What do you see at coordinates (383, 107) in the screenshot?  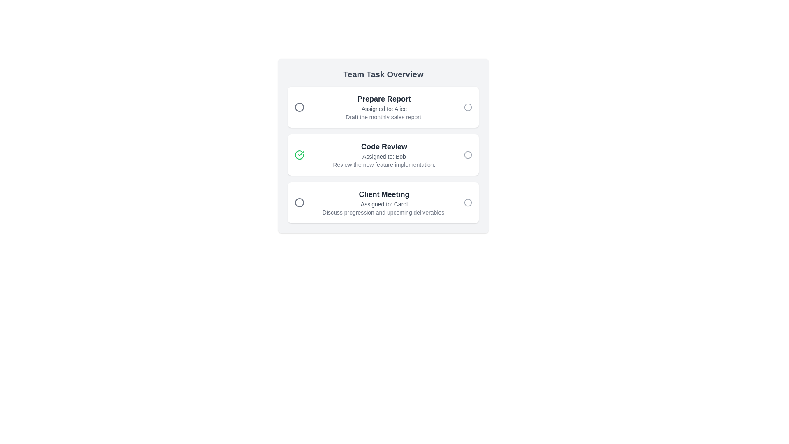 I see `task details from the Task card titled 'Prepare Report' which is located at the top of the task overview interface` at bounding box center [383, 107].